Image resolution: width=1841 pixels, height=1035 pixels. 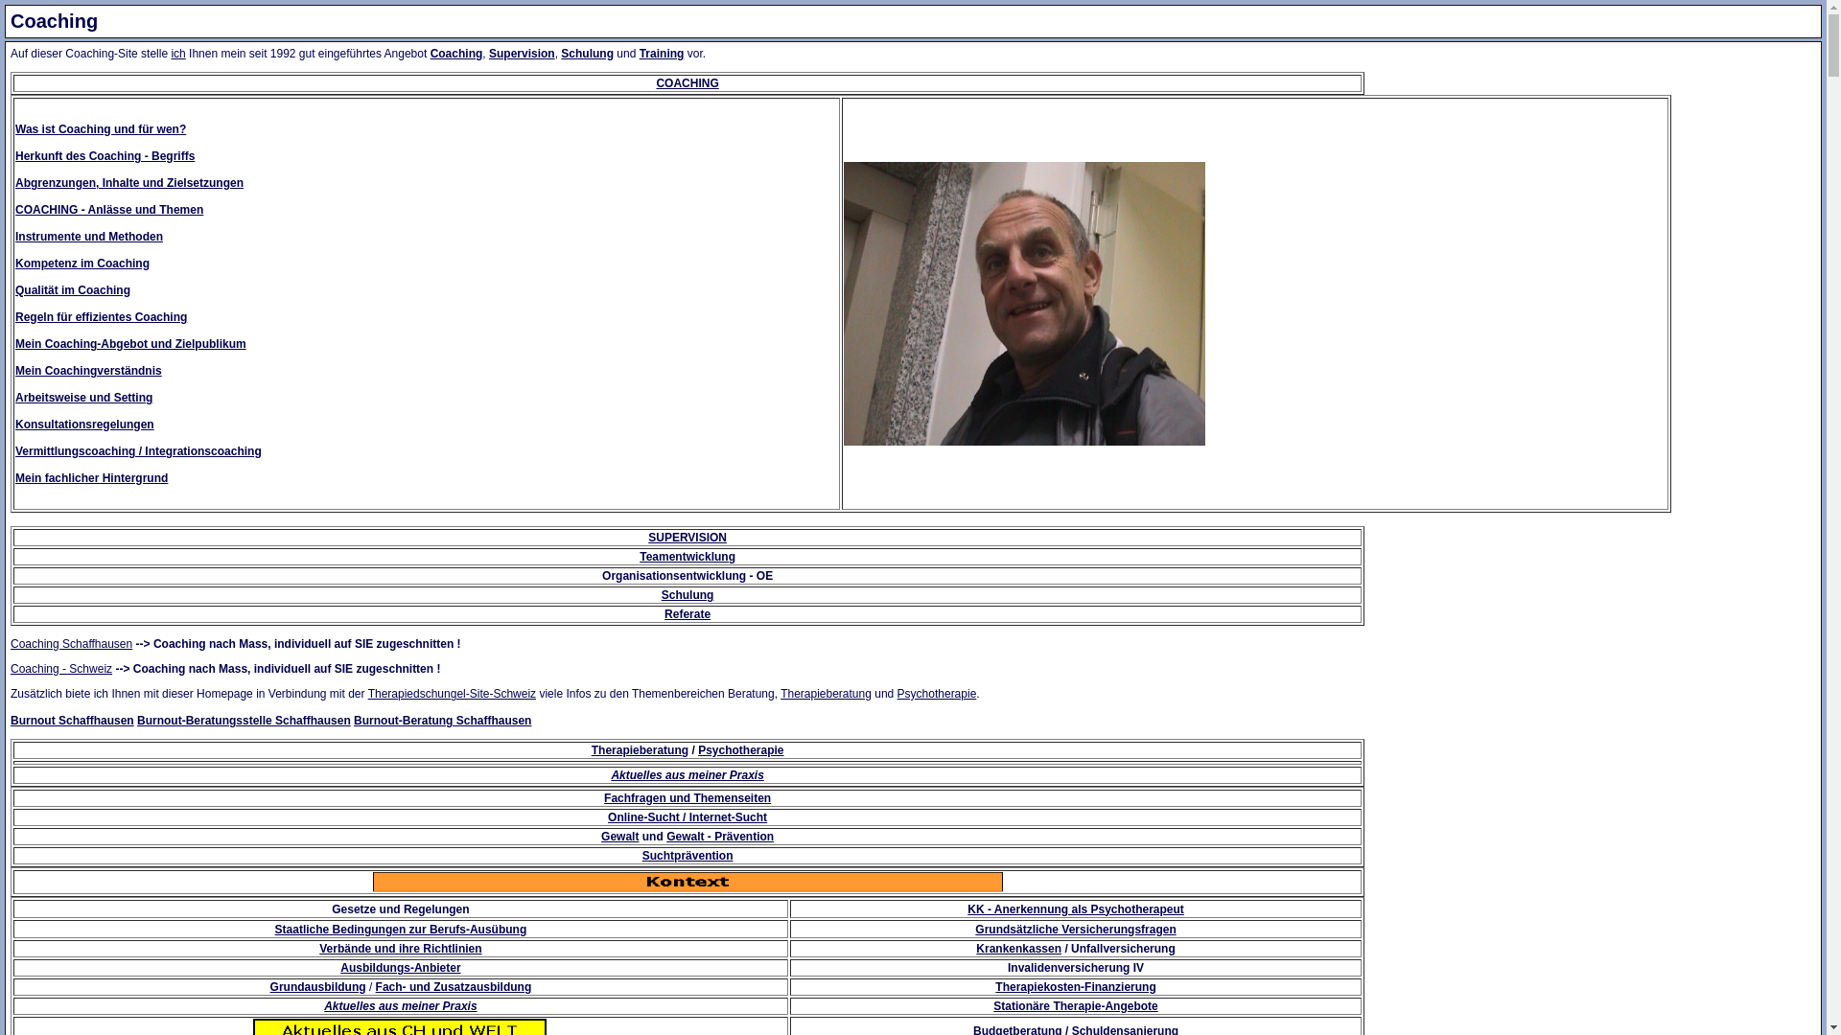 What do you see at coordinates (83, 424) in the screenshot?
I see `'Konsultationsregelungen'` at bounding box center [83, 424].